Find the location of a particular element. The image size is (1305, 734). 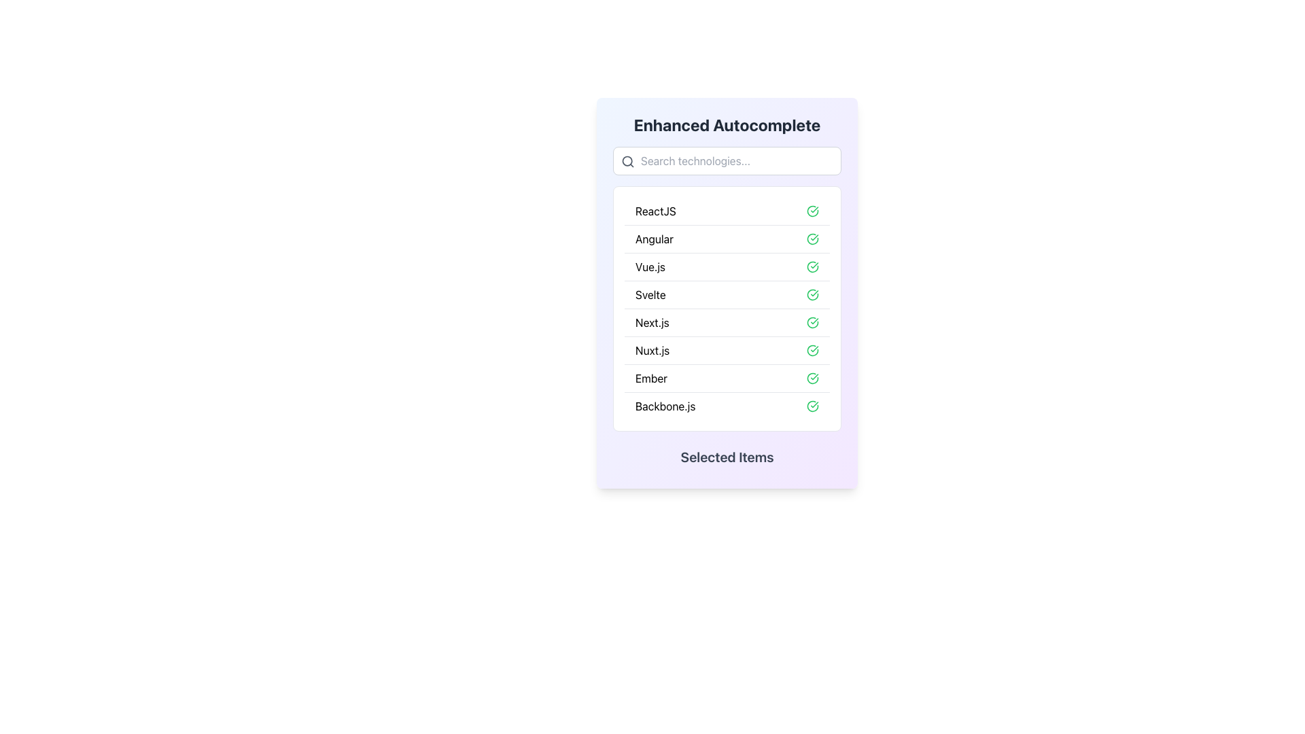

the upper curved arc of the green circular check mark SVG icon associated with the 'Backbone.js' text is located at coordinates (812, 405).